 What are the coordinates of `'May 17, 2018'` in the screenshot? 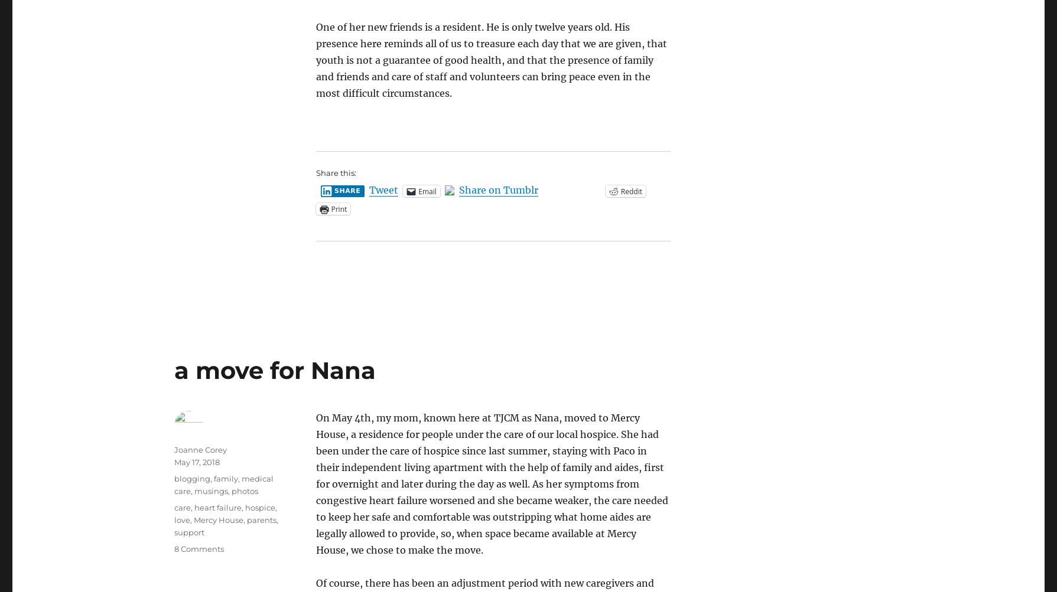 It's located at (196, 462).